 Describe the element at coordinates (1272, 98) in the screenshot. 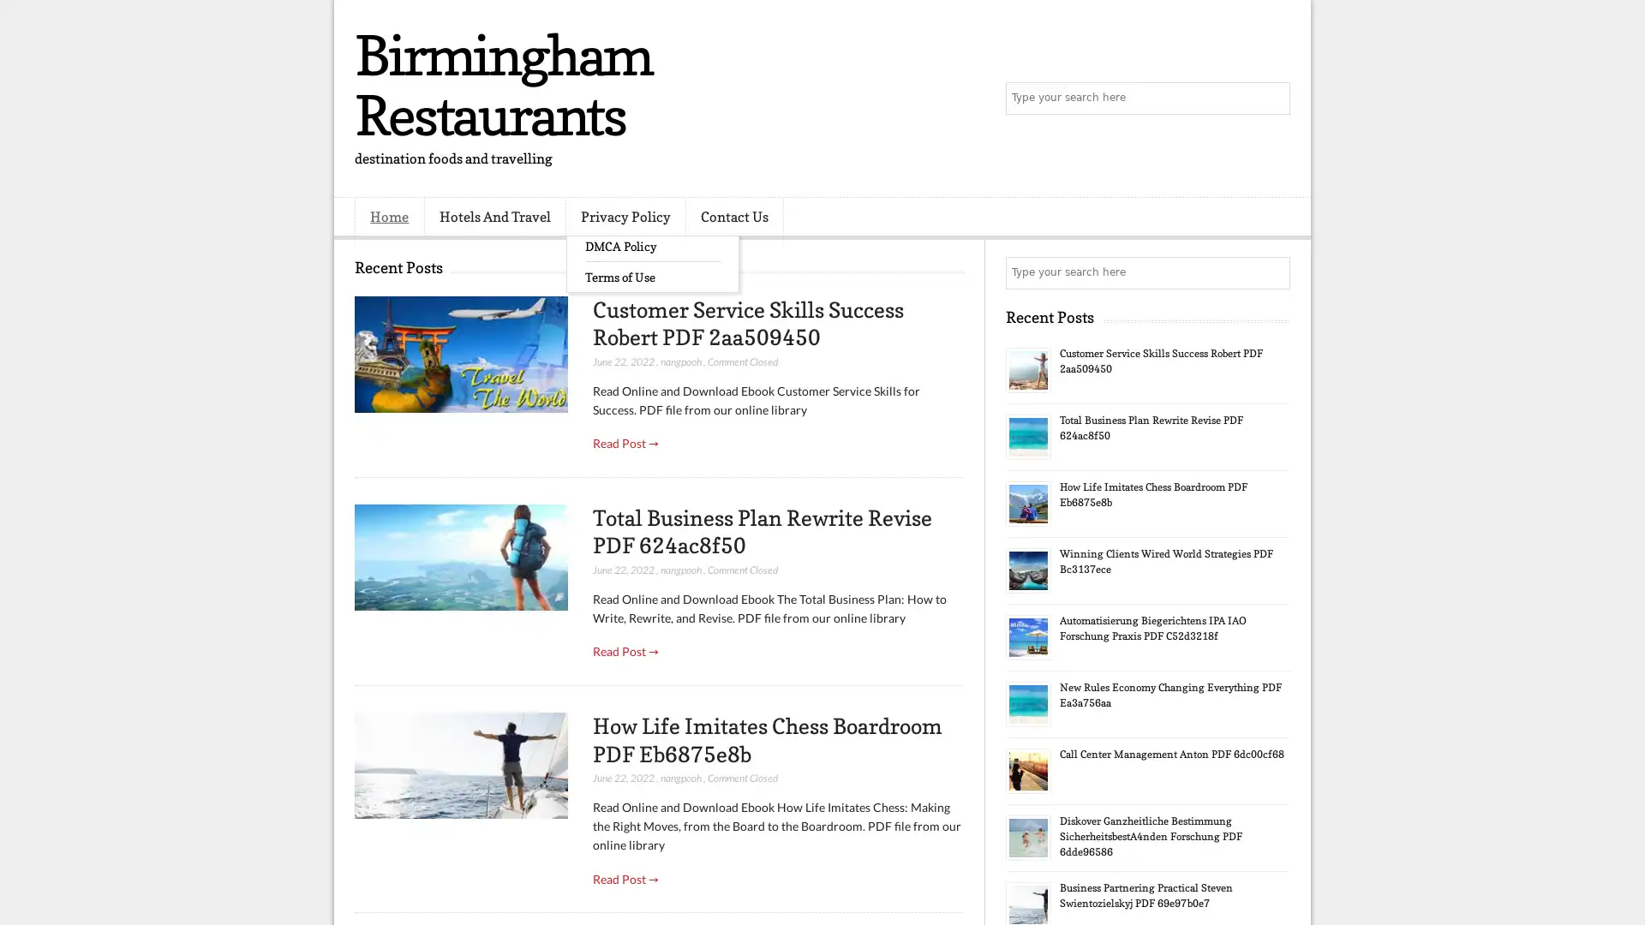

I see `Search` at that location.